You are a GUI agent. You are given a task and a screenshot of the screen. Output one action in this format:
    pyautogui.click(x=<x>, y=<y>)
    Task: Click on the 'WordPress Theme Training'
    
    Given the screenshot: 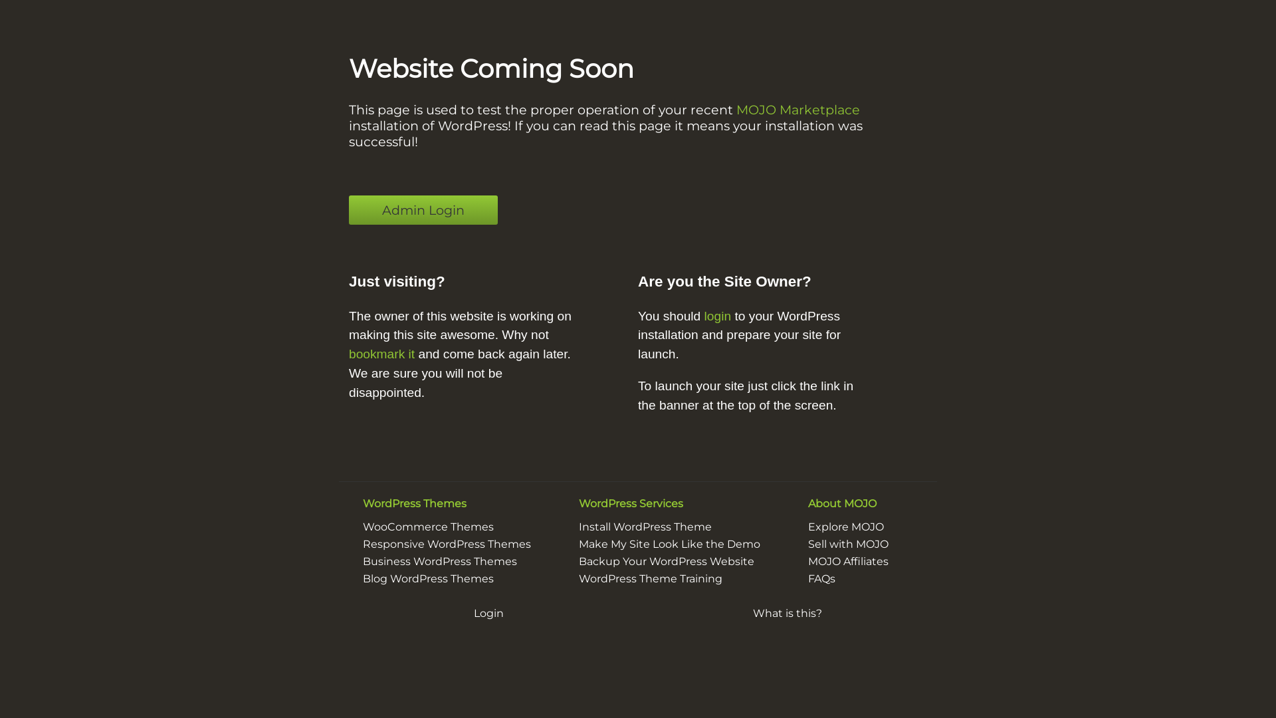 What is the action you would take?
    pyautogui.click(x=651, y=578)
    